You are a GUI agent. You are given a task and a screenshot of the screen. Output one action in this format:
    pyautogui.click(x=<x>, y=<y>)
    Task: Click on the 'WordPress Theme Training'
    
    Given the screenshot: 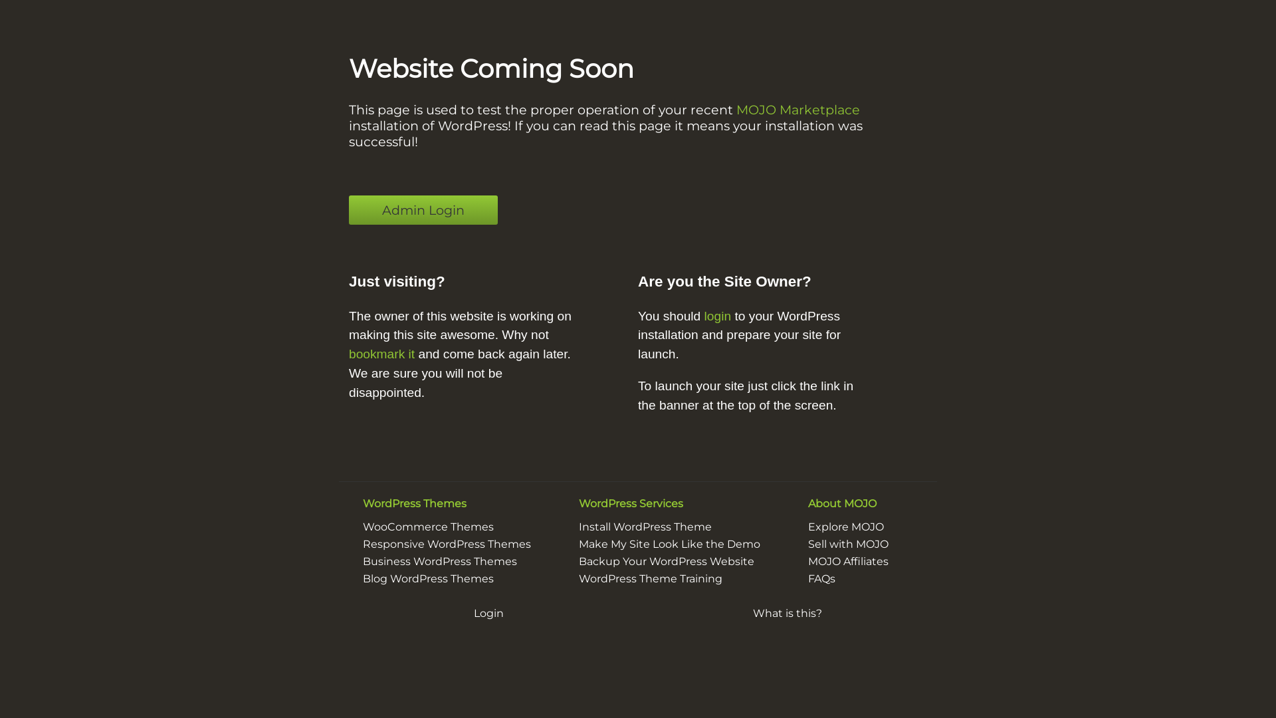 What is the action you would take?
    pyautogui.click(x=651, y=578)
    